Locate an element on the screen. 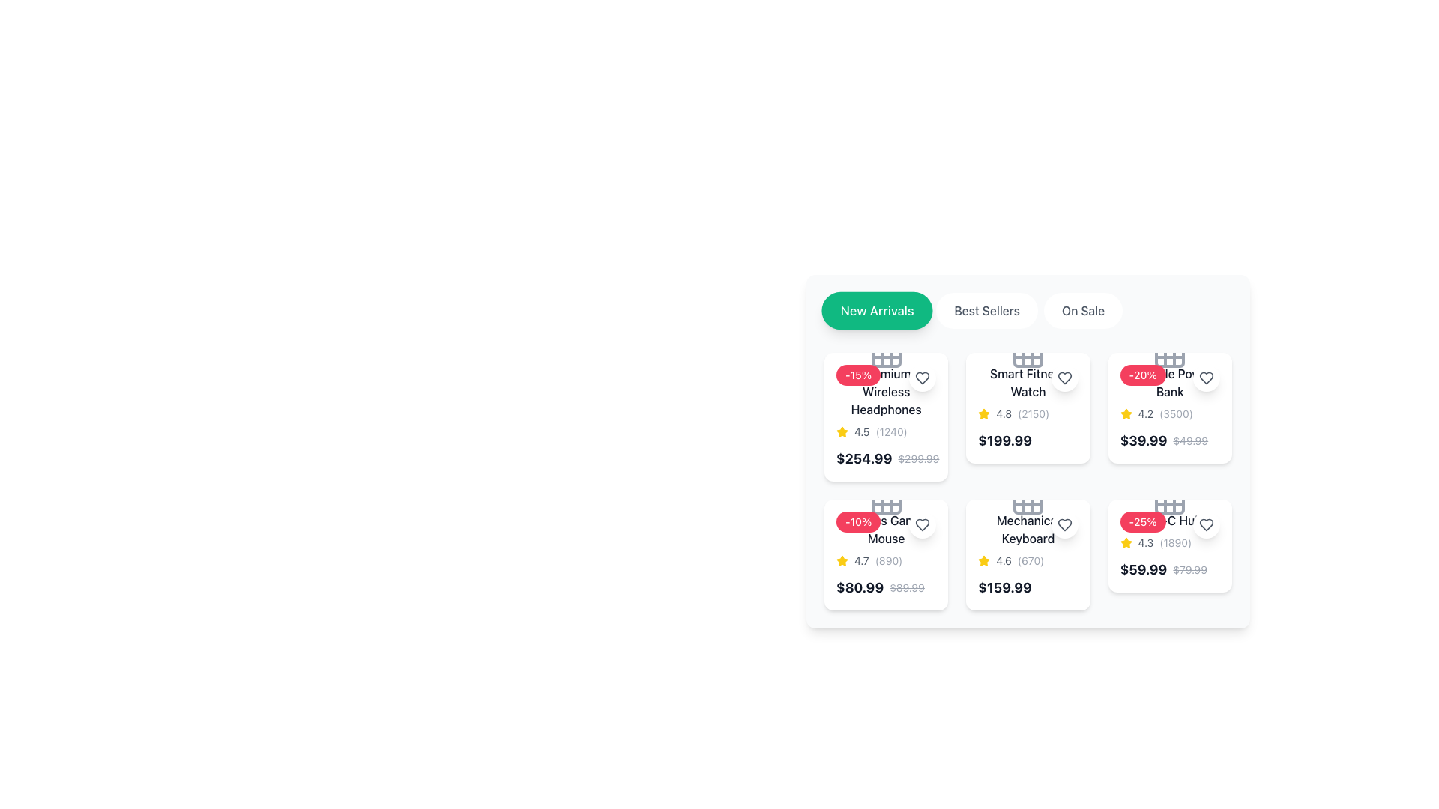 The width and height of the screenshot is (1439, 809). the circular button with a heart icon located in the top-right corner of the product card is located at coordinates (1206, 524).